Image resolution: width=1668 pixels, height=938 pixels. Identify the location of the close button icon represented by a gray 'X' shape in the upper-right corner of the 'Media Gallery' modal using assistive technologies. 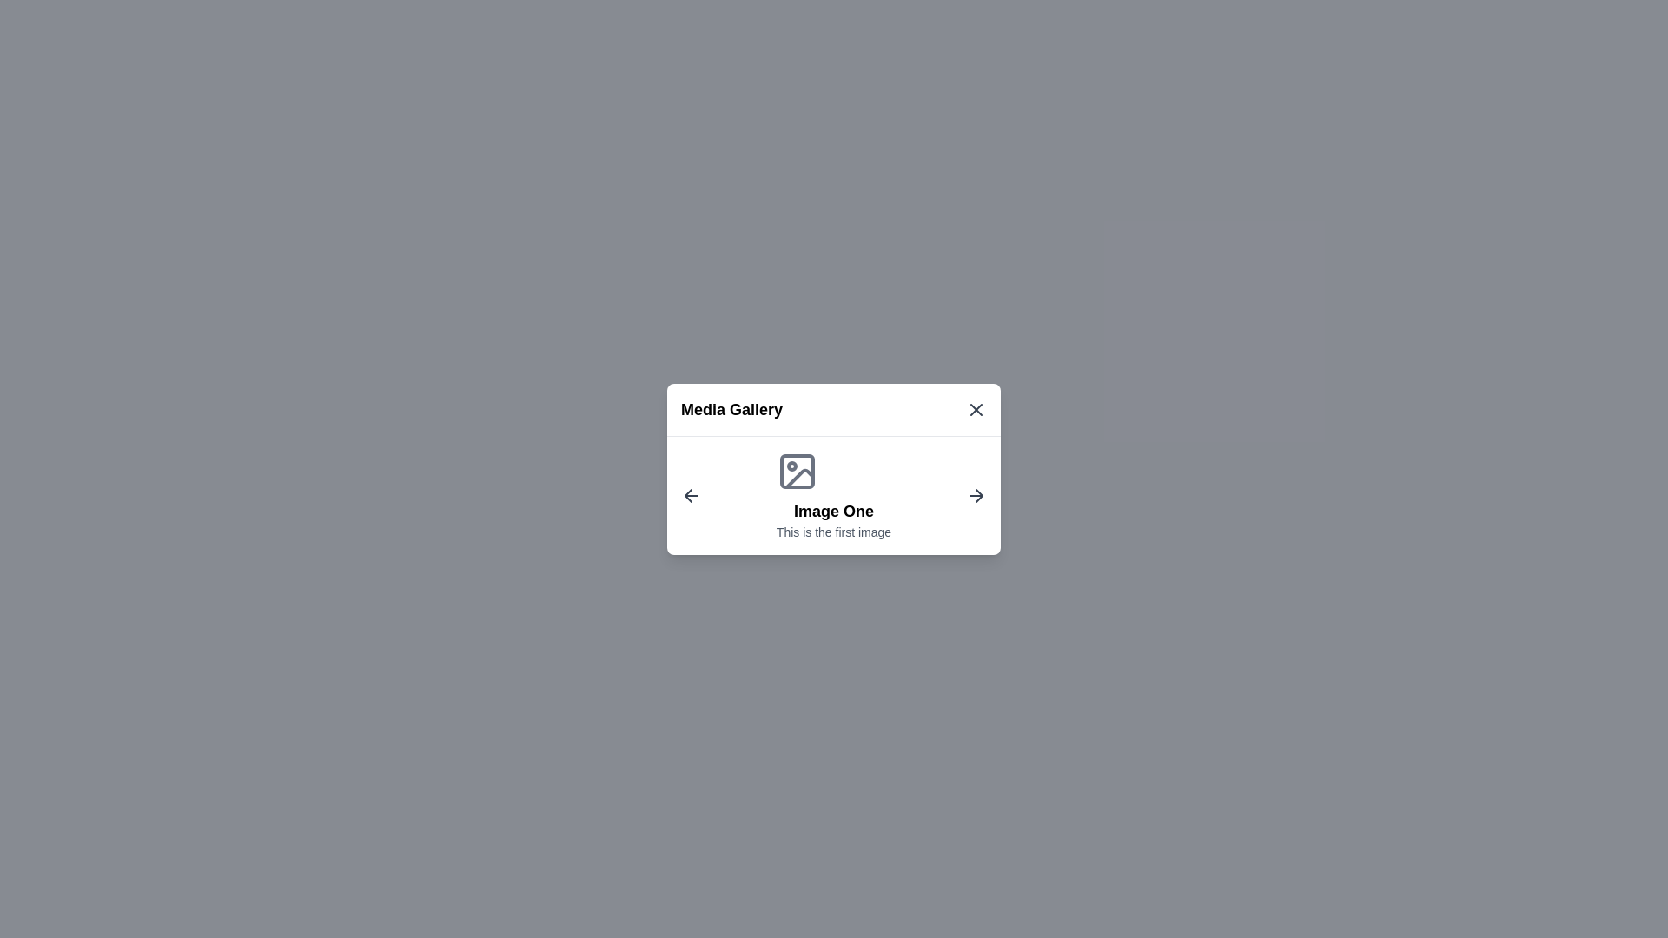
(976, 409).